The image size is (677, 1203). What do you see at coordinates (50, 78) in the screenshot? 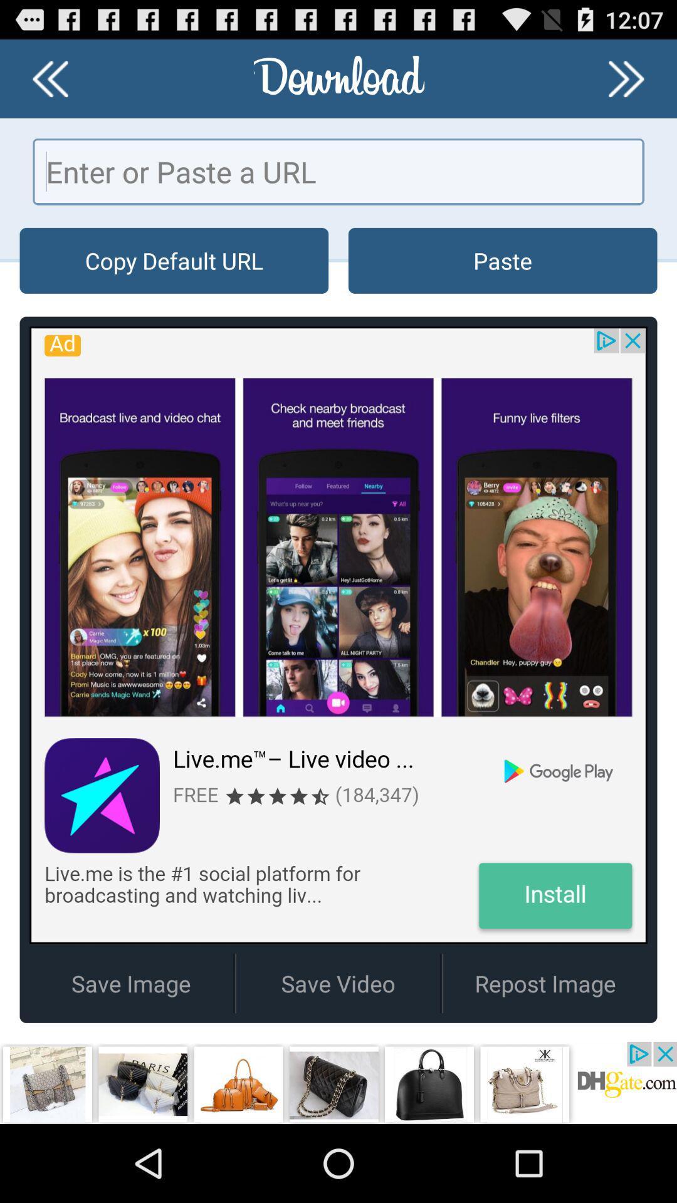
I see `fair ward` at bounding box center [50, 78].